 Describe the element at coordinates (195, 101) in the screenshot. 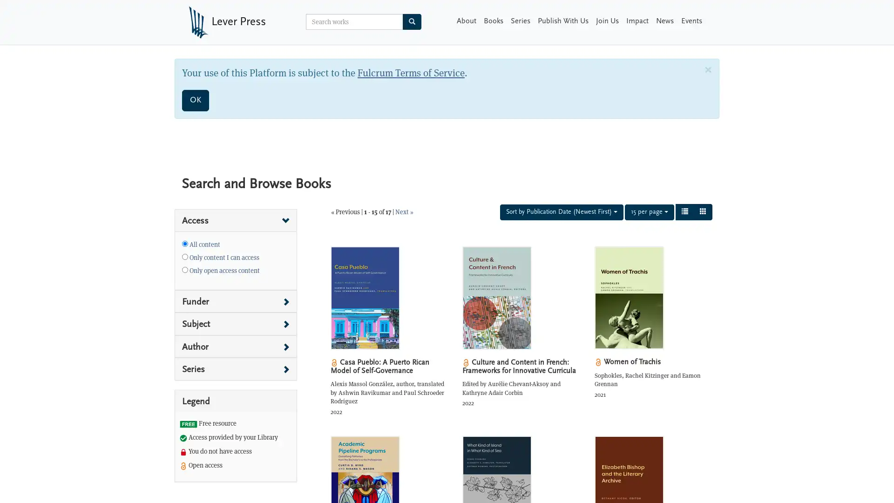

I see `OK. Close Dialog` at that location.